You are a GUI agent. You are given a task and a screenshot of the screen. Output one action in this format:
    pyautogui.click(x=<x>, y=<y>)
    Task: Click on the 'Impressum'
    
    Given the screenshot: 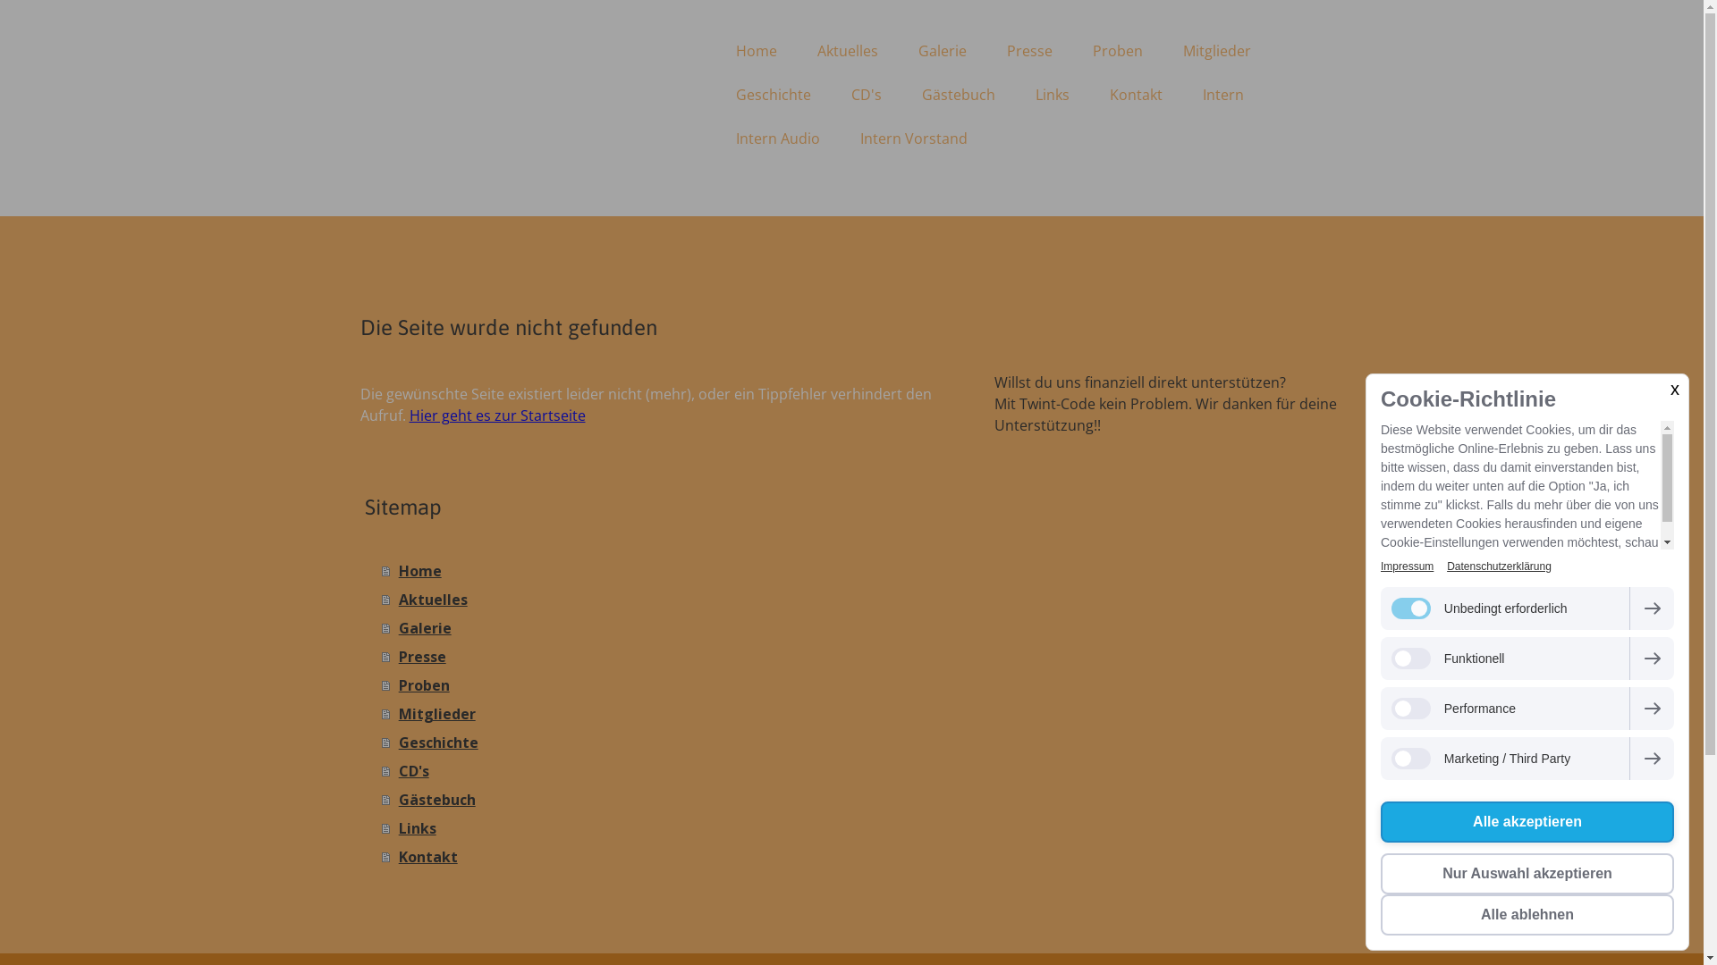 What is the action you would take?
    pyautogui.click(x=1406, y=566)
    